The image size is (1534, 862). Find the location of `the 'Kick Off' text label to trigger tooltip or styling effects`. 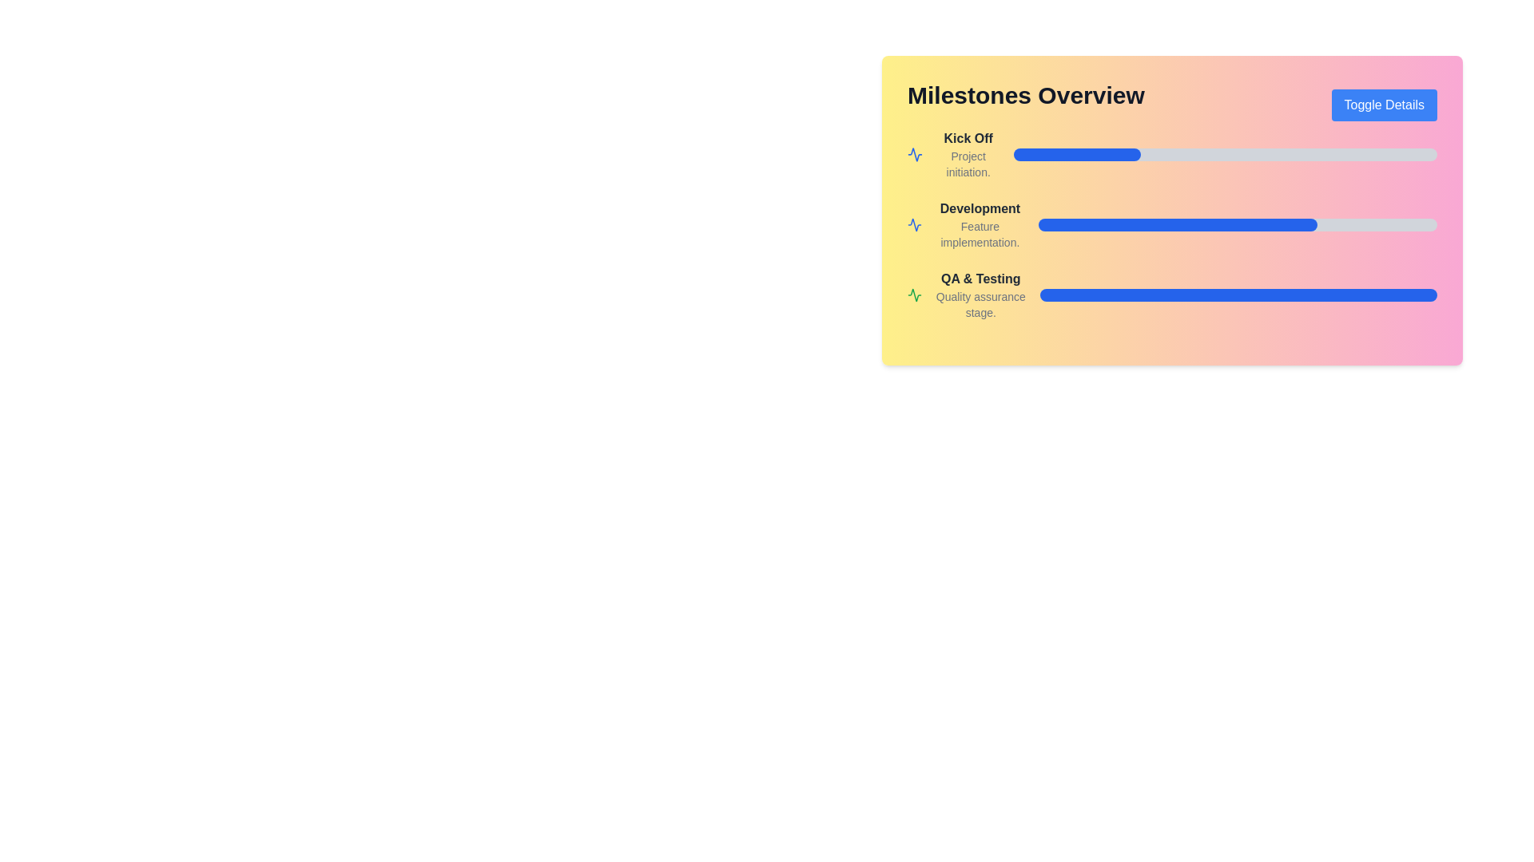

the 'Kick Off' text label to trigger tooltip or styling effects is located at coordinates (968, 137).